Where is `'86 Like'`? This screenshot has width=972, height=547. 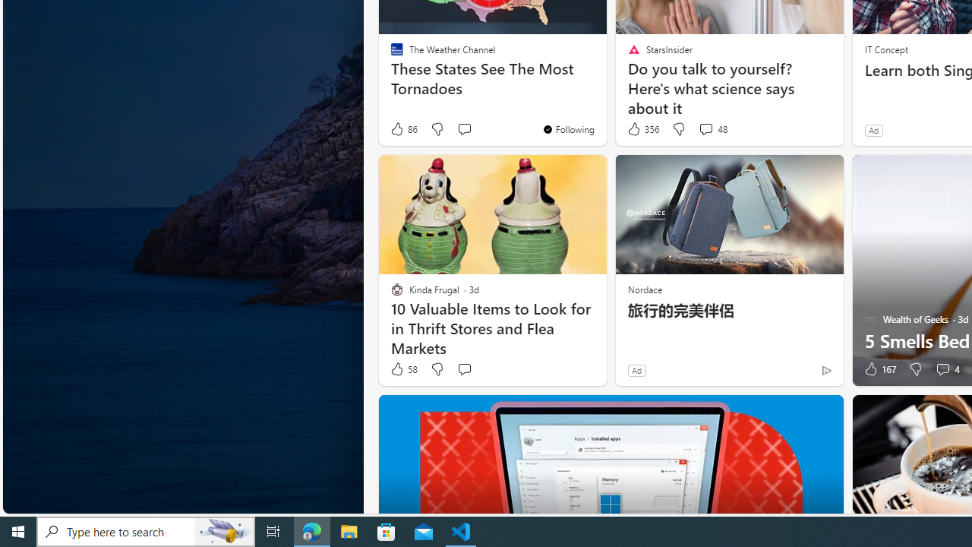 '86 Like' is located at coordinates (403, 128).